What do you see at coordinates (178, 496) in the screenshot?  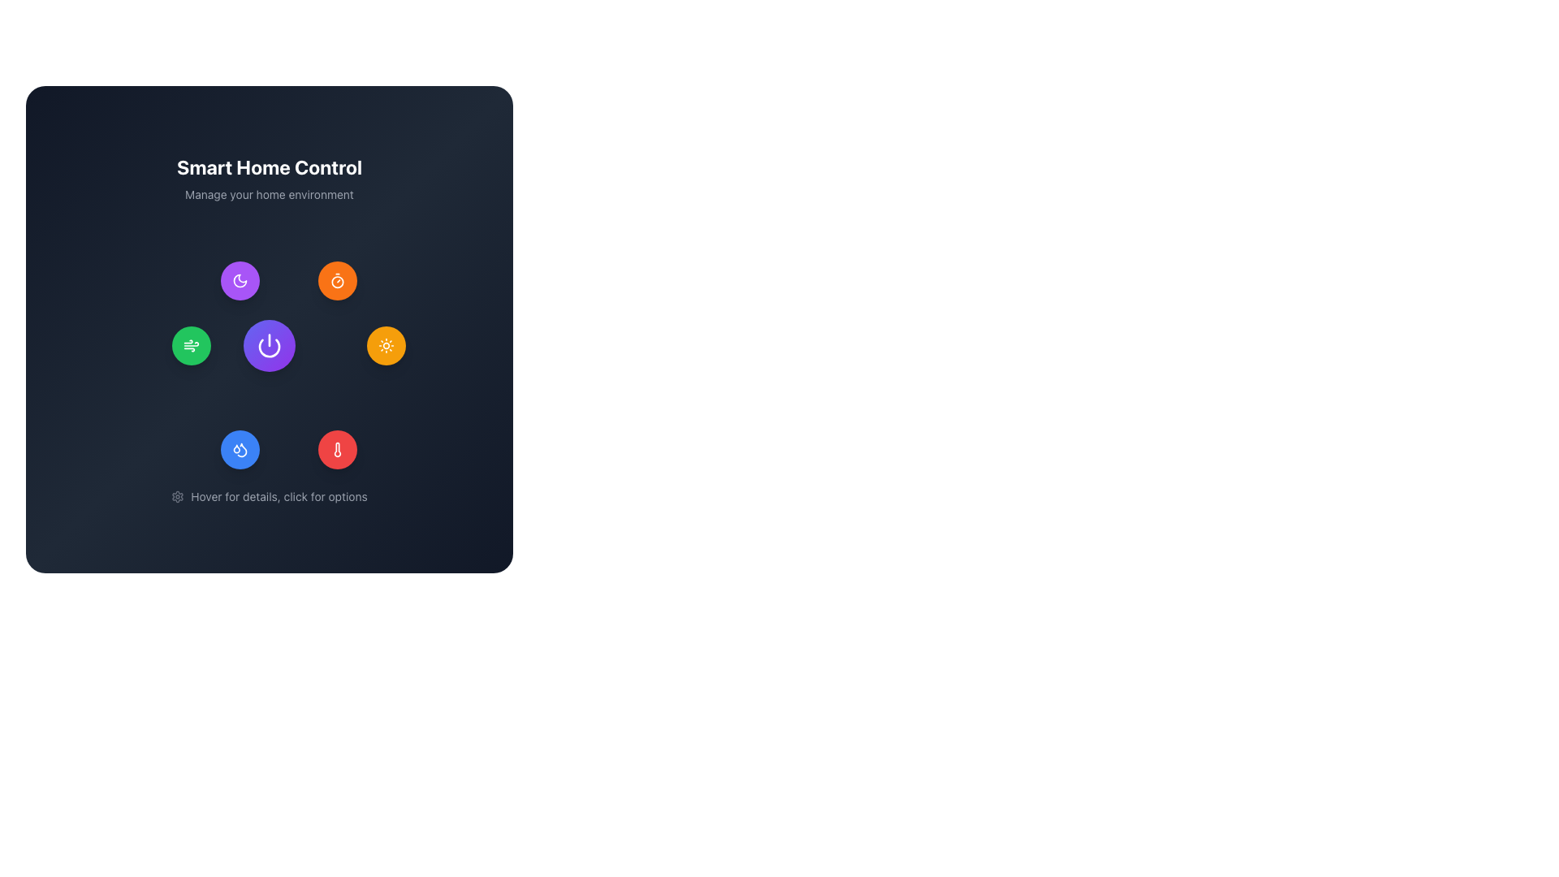 I see `the cogwheel icon representing settings located in the lower-left segment of the control panel interface, directly to the left of the text 'Hover for details, click for options'` at bounding box center [178, 496].